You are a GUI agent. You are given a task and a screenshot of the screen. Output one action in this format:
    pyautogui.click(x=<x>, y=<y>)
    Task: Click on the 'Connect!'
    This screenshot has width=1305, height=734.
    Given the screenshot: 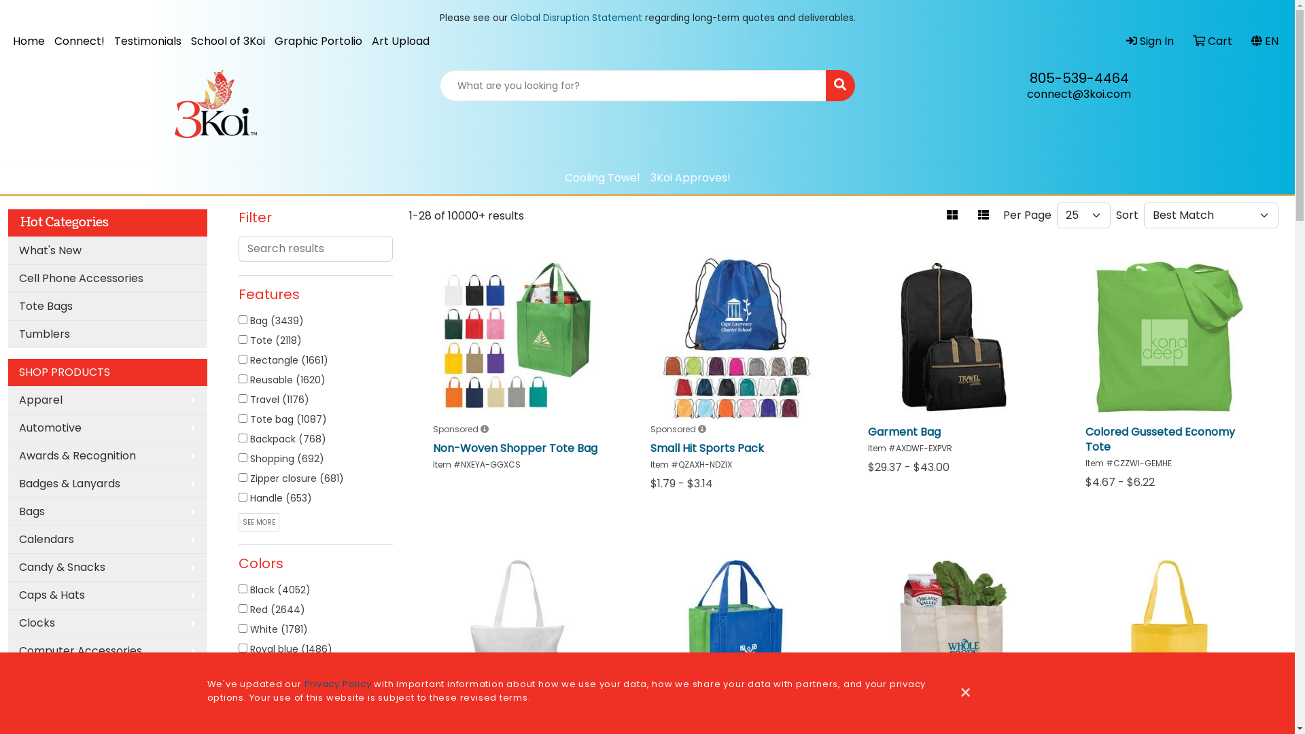 What is the action you would take?
    pyautogui.click(x=49, y=41)
    